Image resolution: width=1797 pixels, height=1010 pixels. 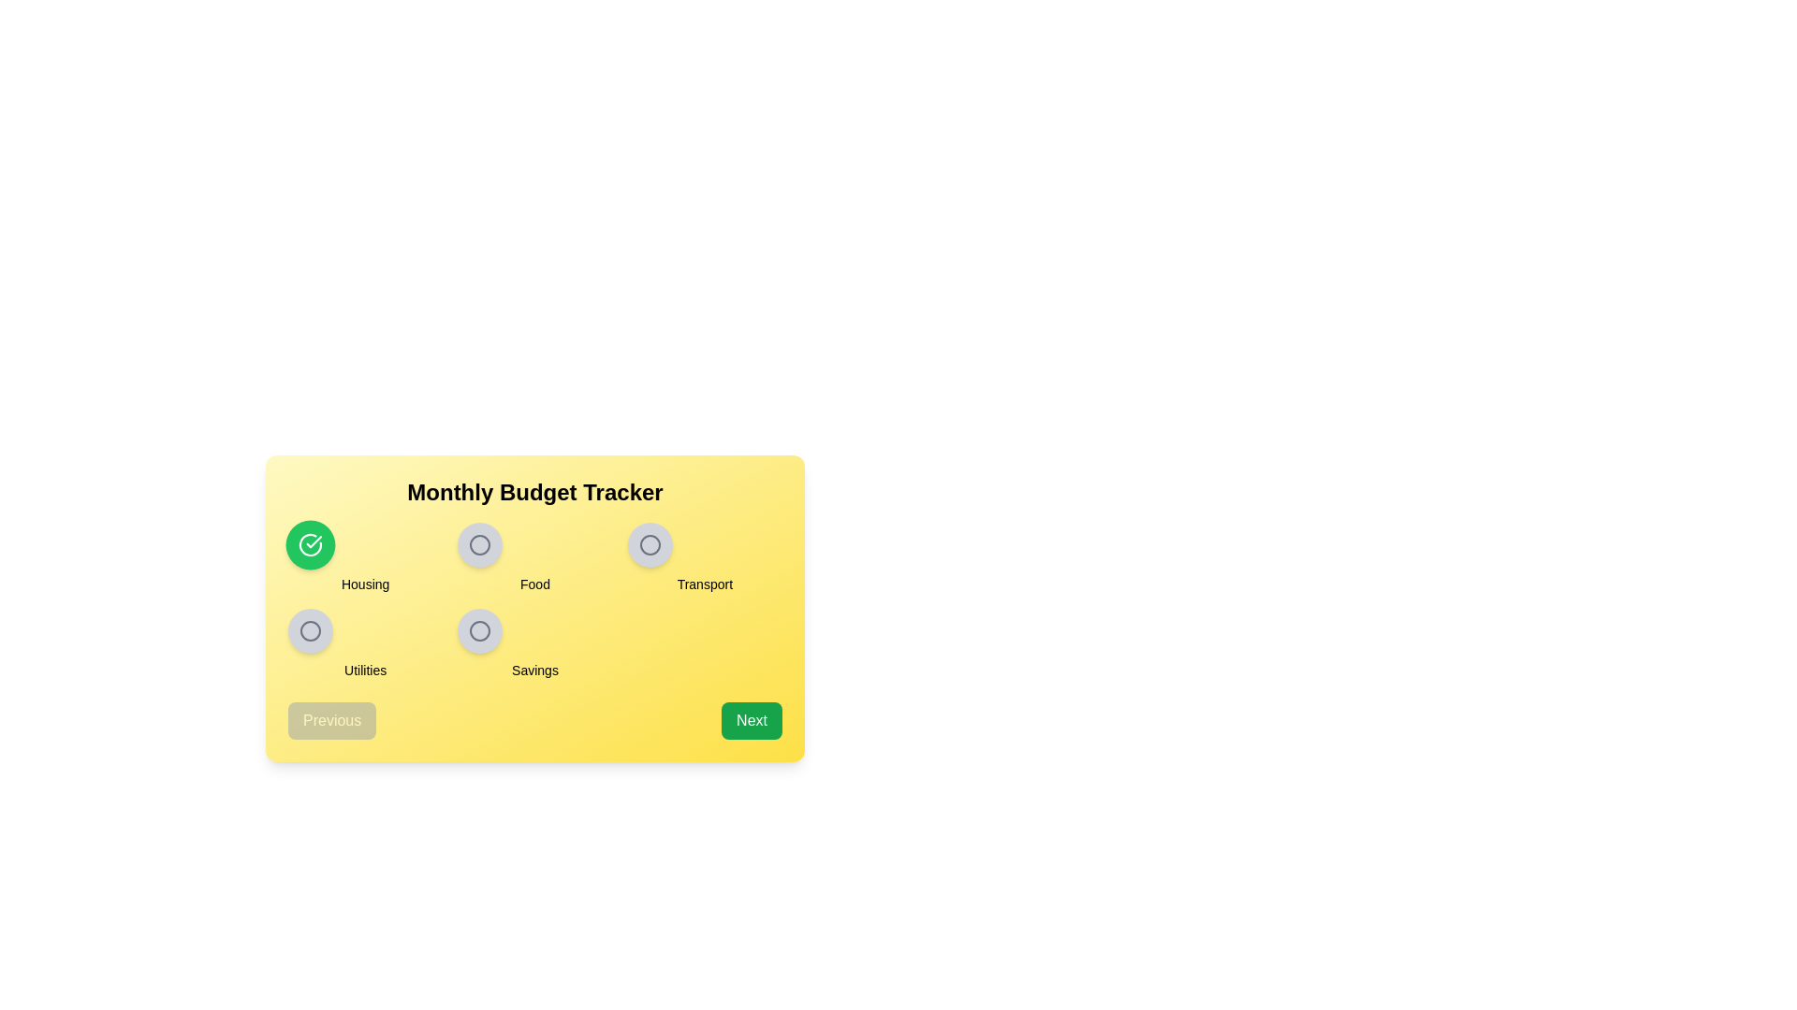 I want to click on the 'Food' category radio button, so click(x=480, y=544).